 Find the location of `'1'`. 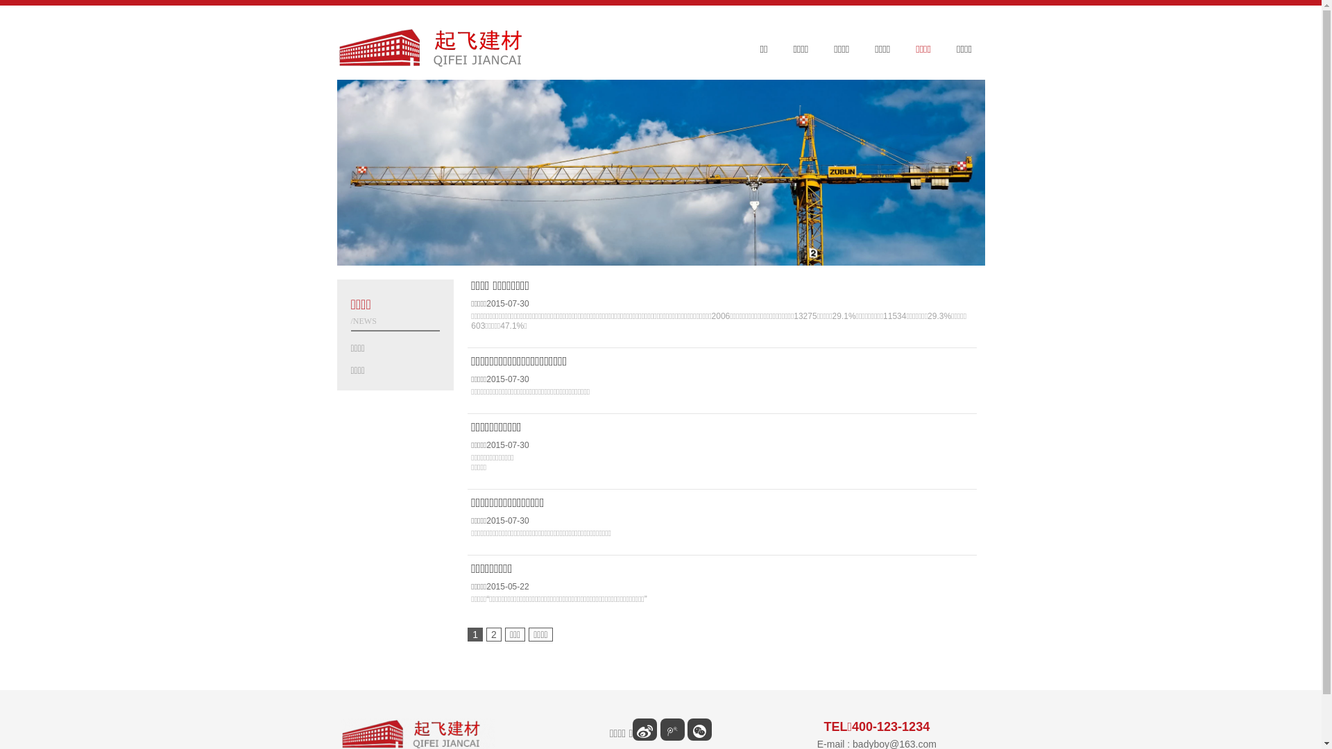

'1' is located at coordinates (475, 634).